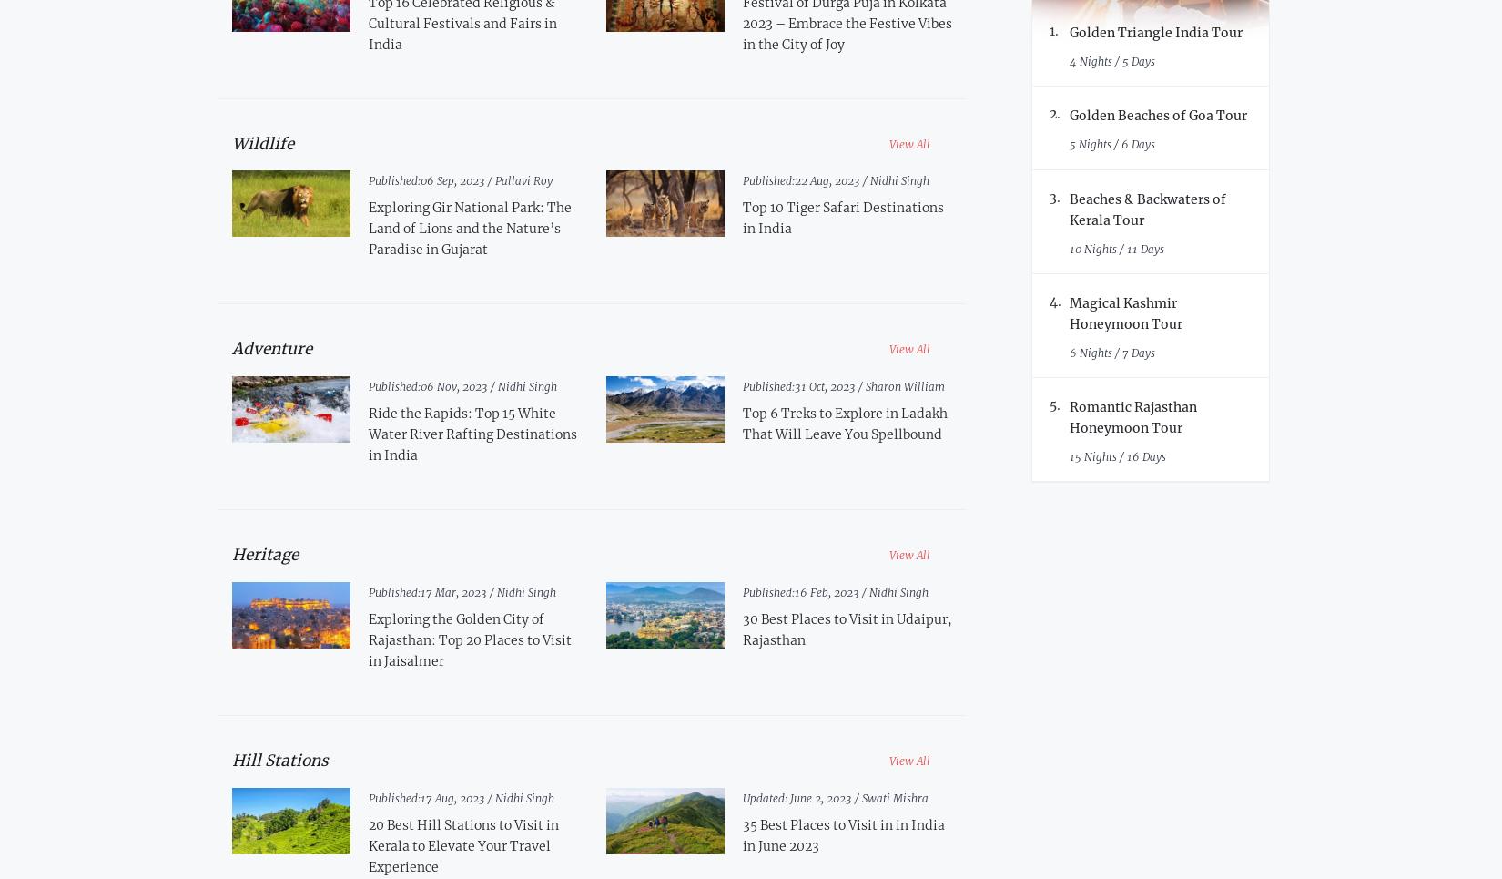  I want to click on '06 Sep, 2023 /', so click(455, 180).